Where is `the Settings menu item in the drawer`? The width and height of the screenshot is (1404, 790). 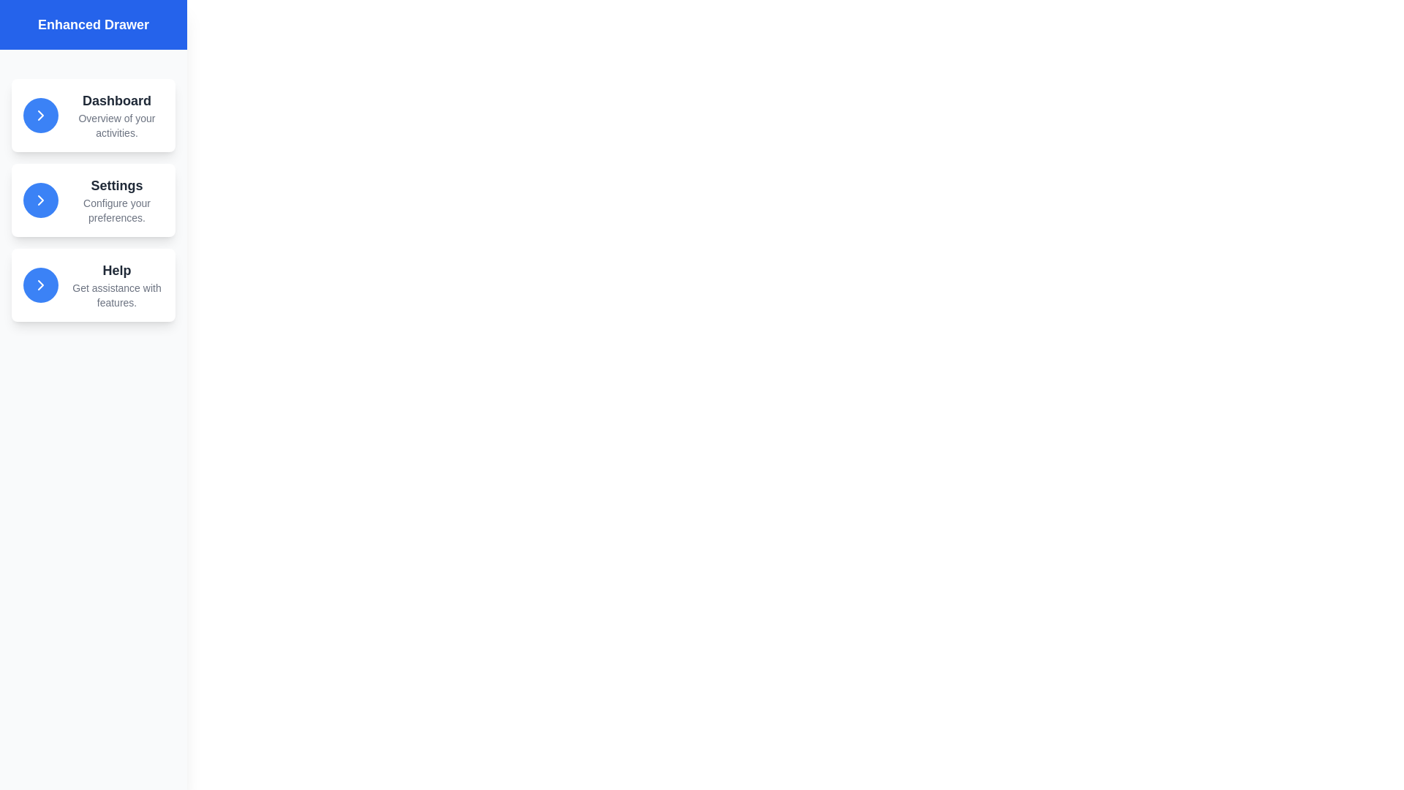 the Settings menu item in the drawer is located at coordinates (93, 200).